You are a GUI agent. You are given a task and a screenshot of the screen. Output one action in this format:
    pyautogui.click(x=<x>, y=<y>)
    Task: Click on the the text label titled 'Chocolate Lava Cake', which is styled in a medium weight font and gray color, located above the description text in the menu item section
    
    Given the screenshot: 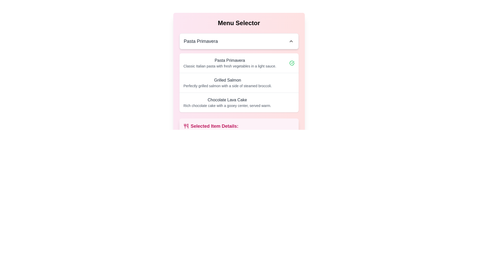 What is the action you would take?
    pyautogui.click(x=227, y=100)
    